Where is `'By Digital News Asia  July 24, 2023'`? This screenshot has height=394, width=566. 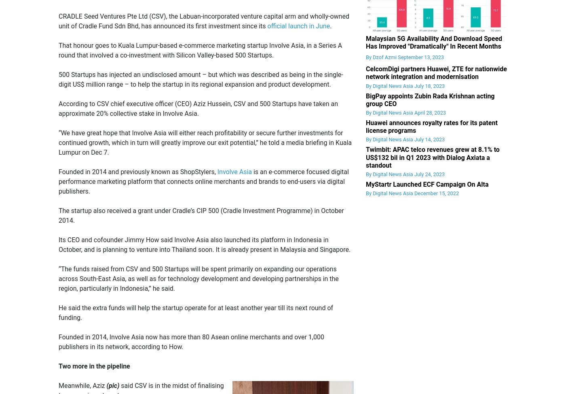 'By Digital News Asia  July 24, 2023' is located at coordinates (405, 174).